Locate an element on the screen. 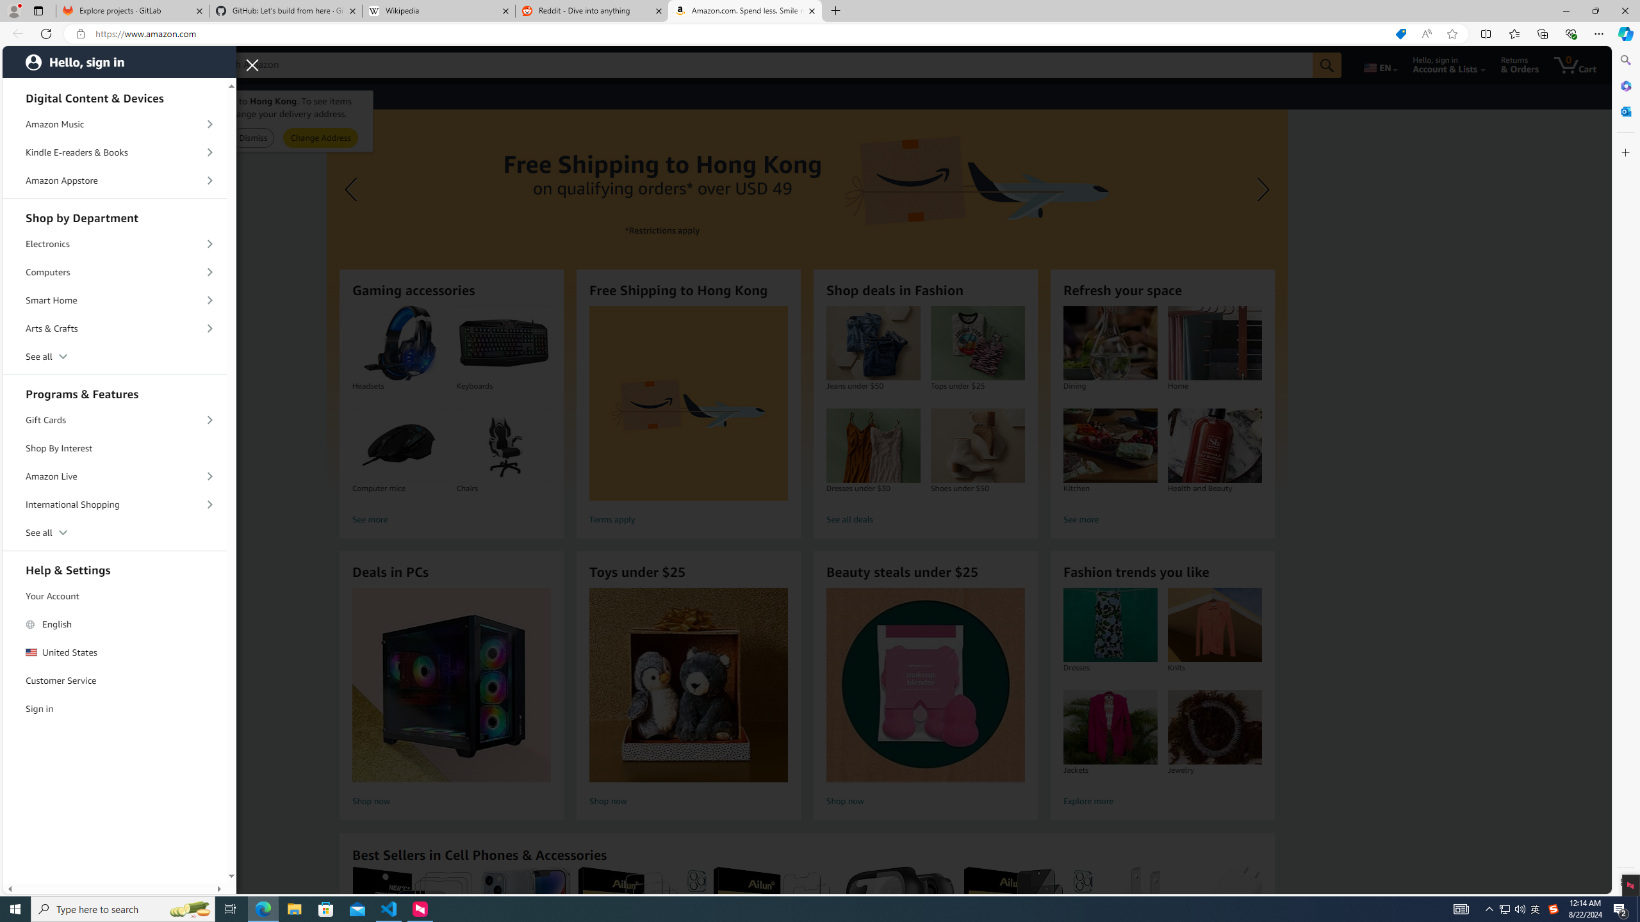  'Electronics' is located at coordinates (115, 243).